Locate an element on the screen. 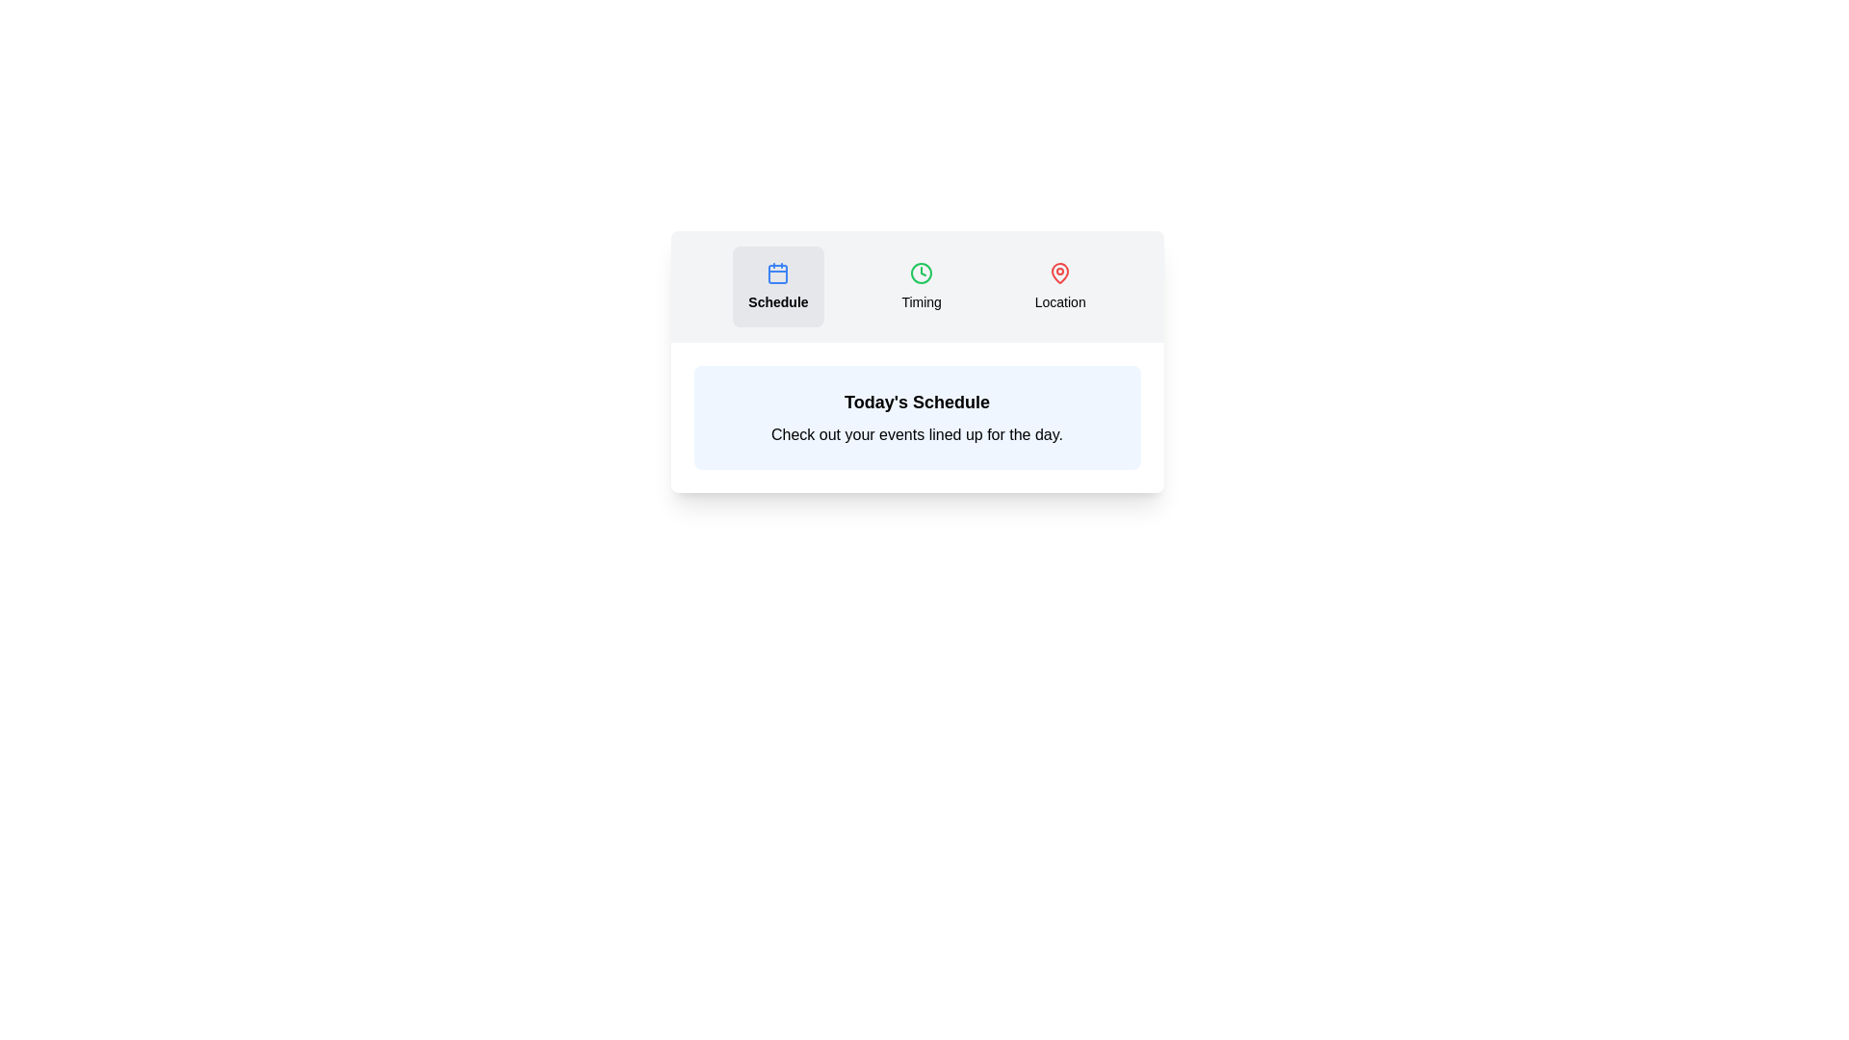  the icon corresponding to the Timing tab is located at coordinates (920, 273).